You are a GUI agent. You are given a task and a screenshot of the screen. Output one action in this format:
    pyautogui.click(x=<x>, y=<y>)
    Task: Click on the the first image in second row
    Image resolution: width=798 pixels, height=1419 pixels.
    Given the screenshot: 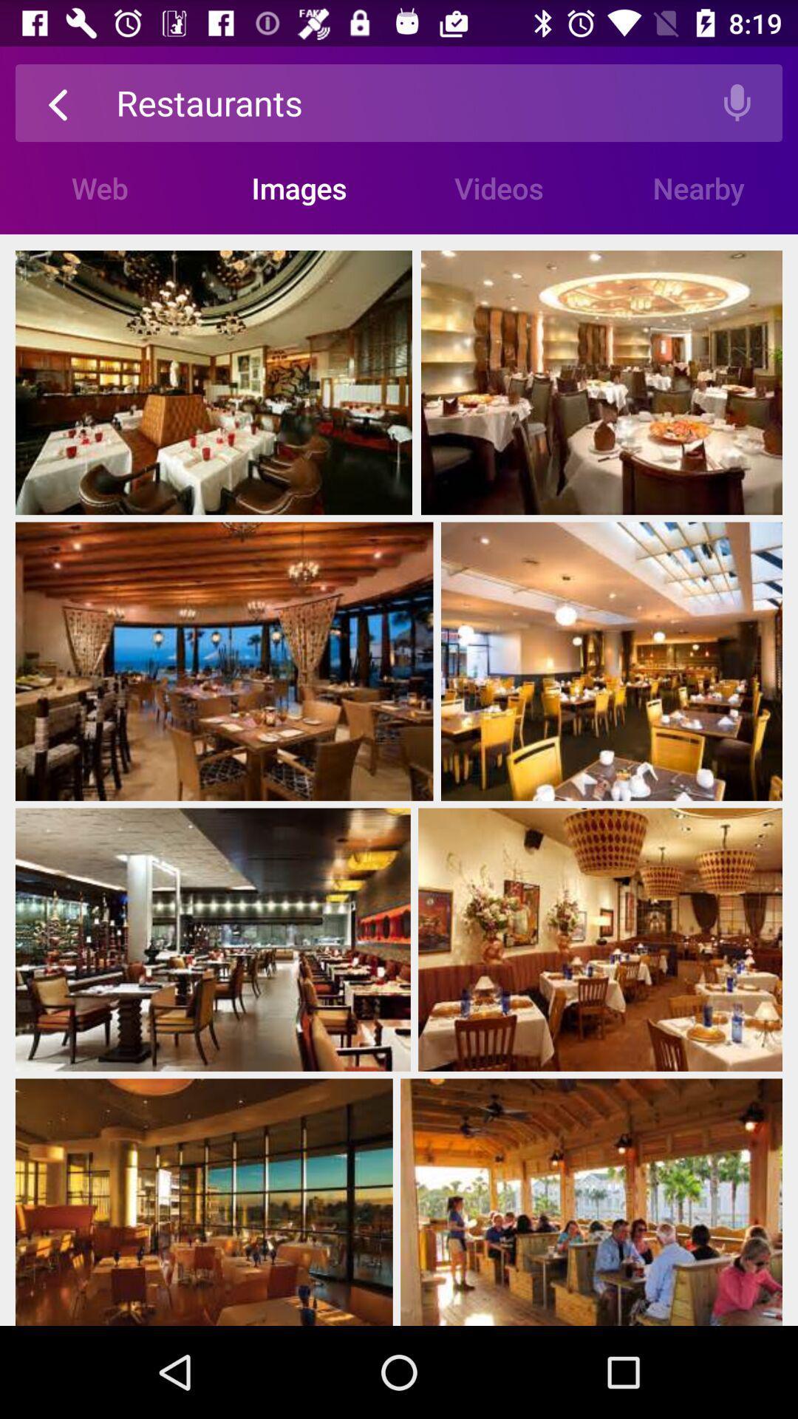 What is the action you would take?
    pyautogui.click(x=225, y=661)
    